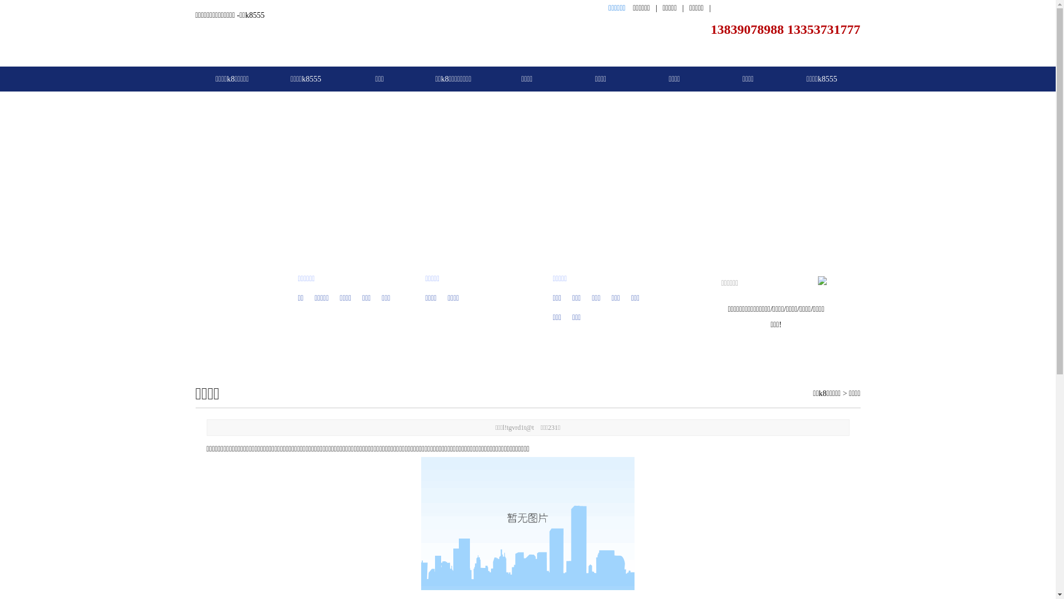 This screenshot has height=599, width=1064. I want to click on '  ', so click(822, 280).